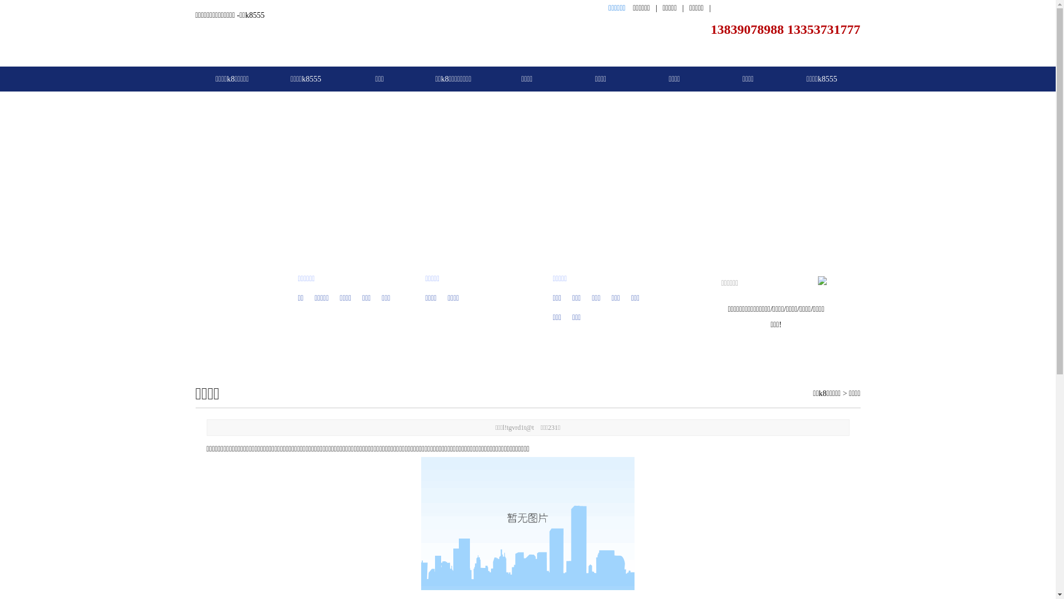 This screenshot has height=599, width=1064. I want to click on '  ', so click(822, 280).